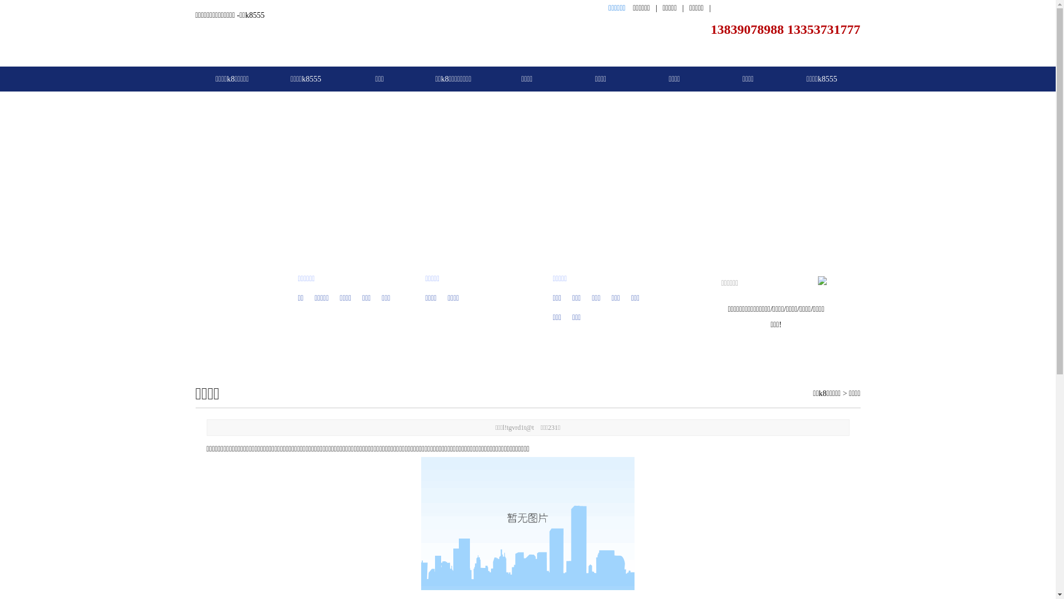 This screenshot has height=599, width=1064. I want to click on '  ', so click(822, 280).